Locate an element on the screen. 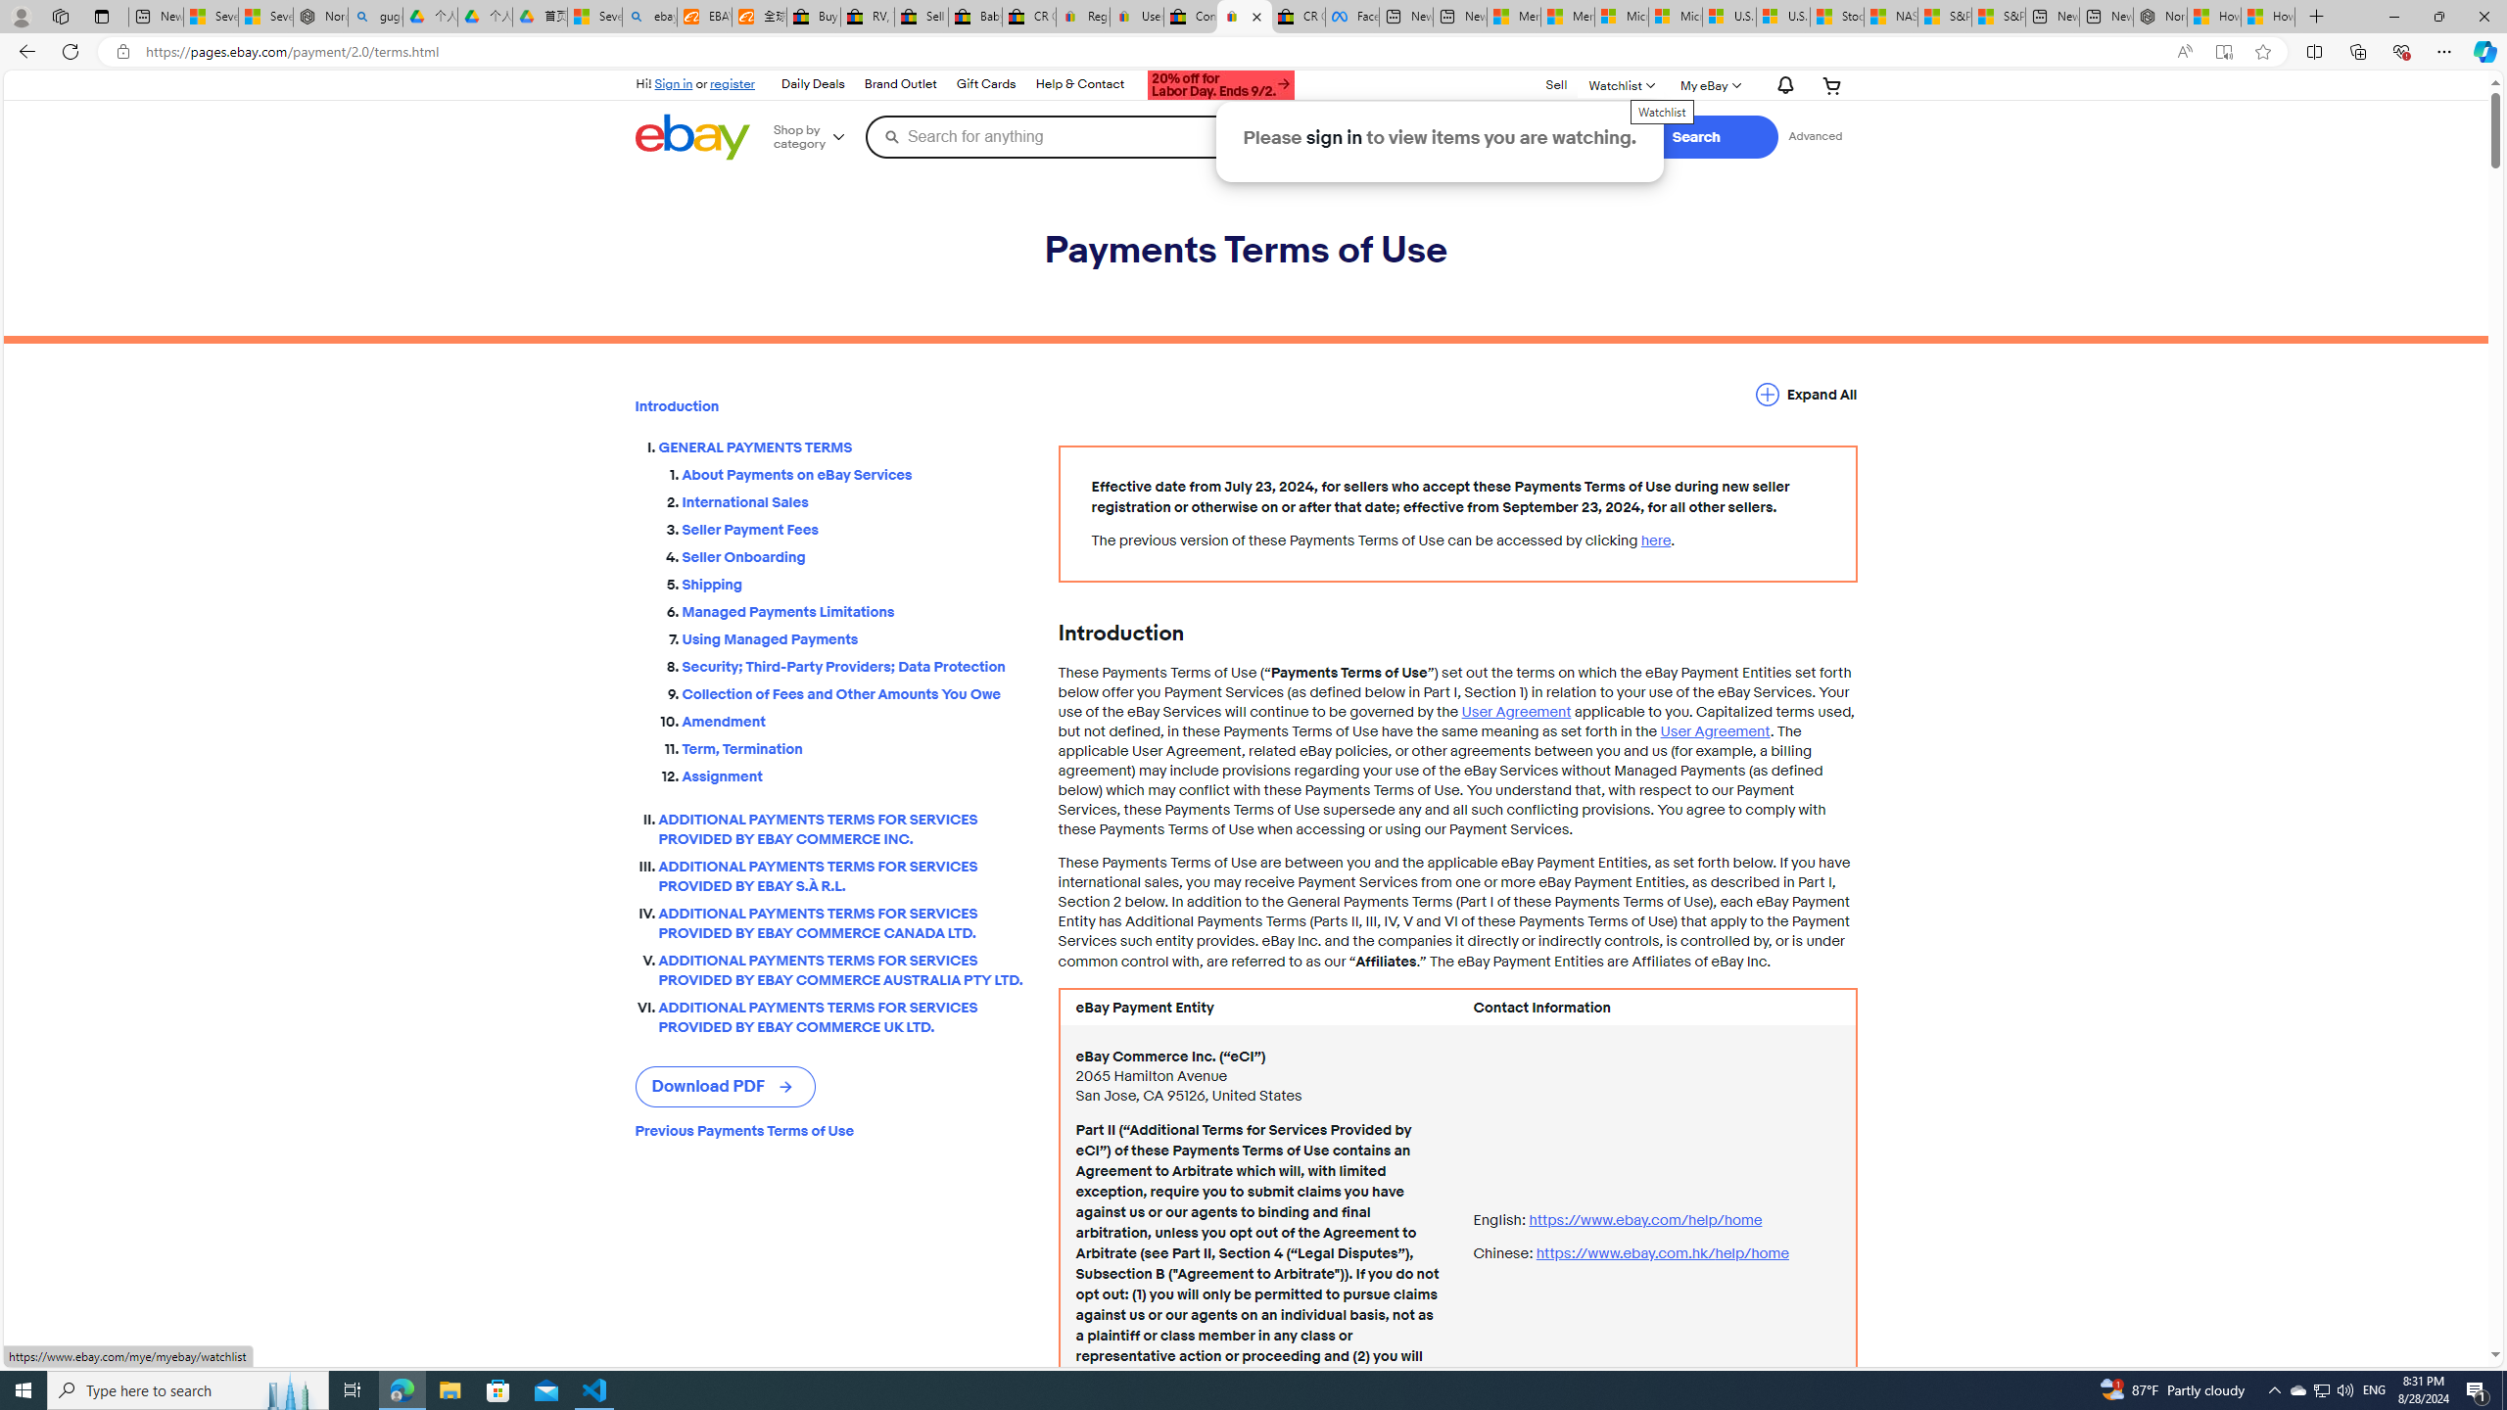  'Notifications' is located at coordinates (1780, 85).